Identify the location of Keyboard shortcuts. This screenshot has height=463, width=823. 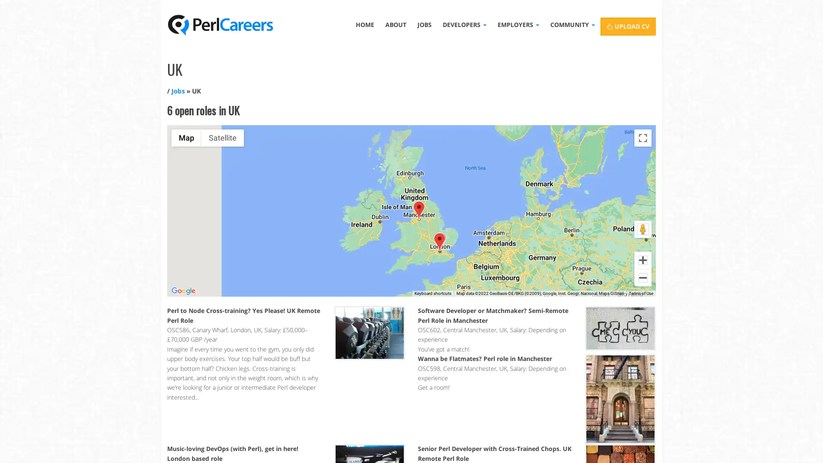
(433, 292).